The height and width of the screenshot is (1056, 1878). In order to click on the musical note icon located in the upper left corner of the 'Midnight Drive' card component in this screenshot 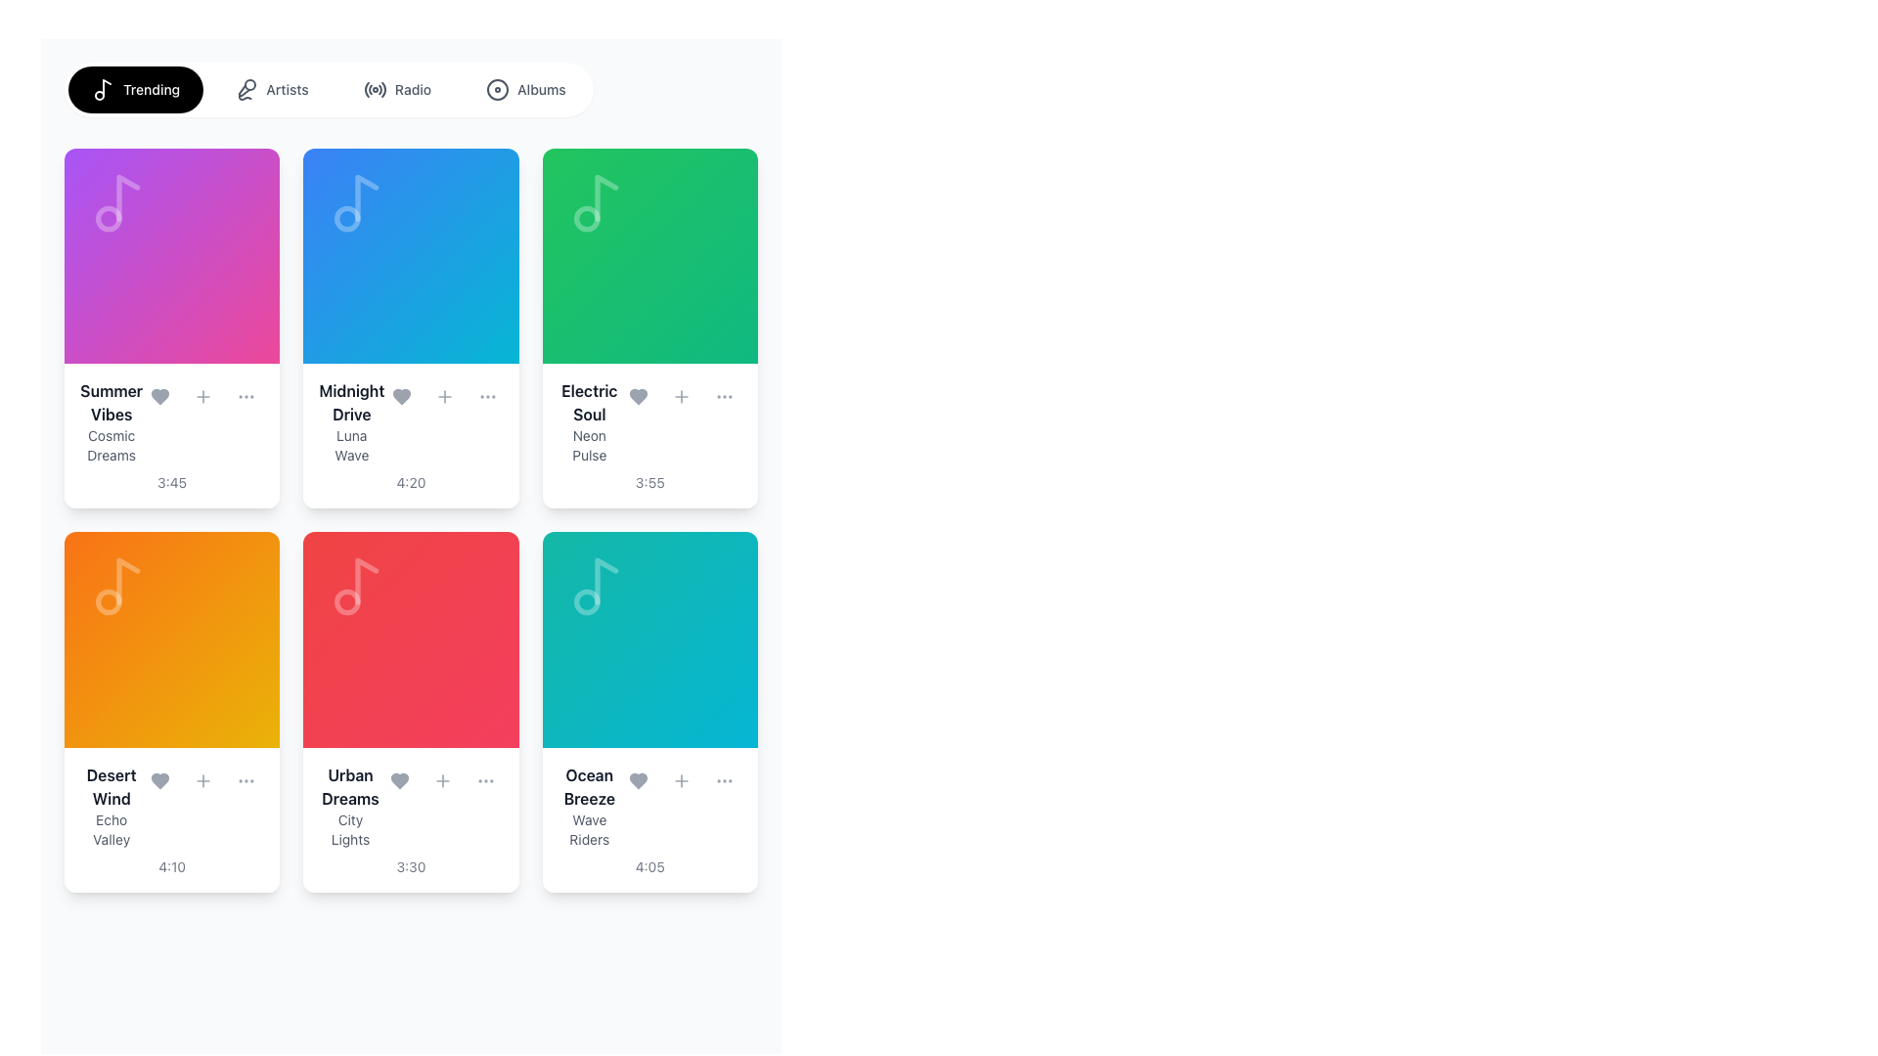, I will do `click(358, 203)`.